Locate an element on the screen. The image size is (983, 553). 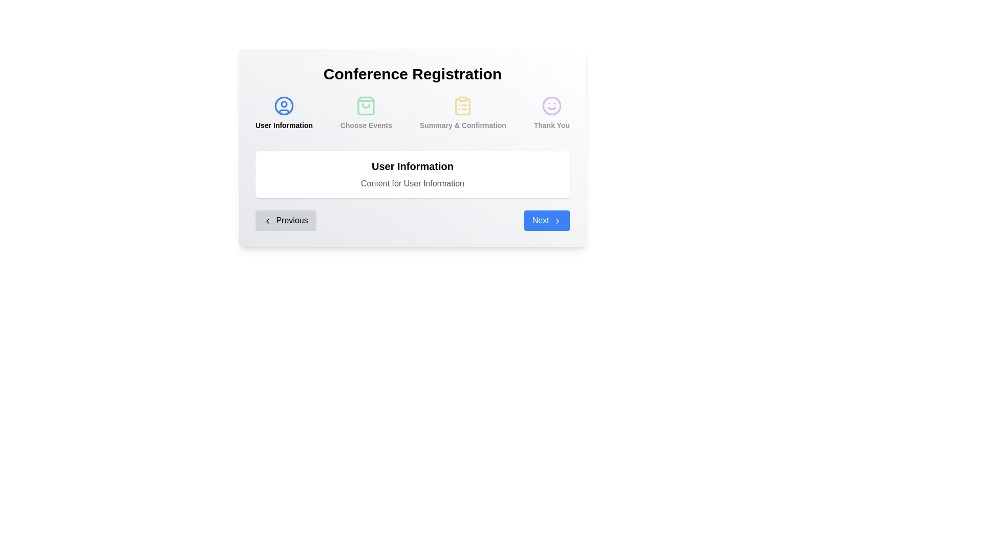
the decorative icon indicating the 'Choose Events' step in the navigation process for conference registration is located at coordinates (366, 106).